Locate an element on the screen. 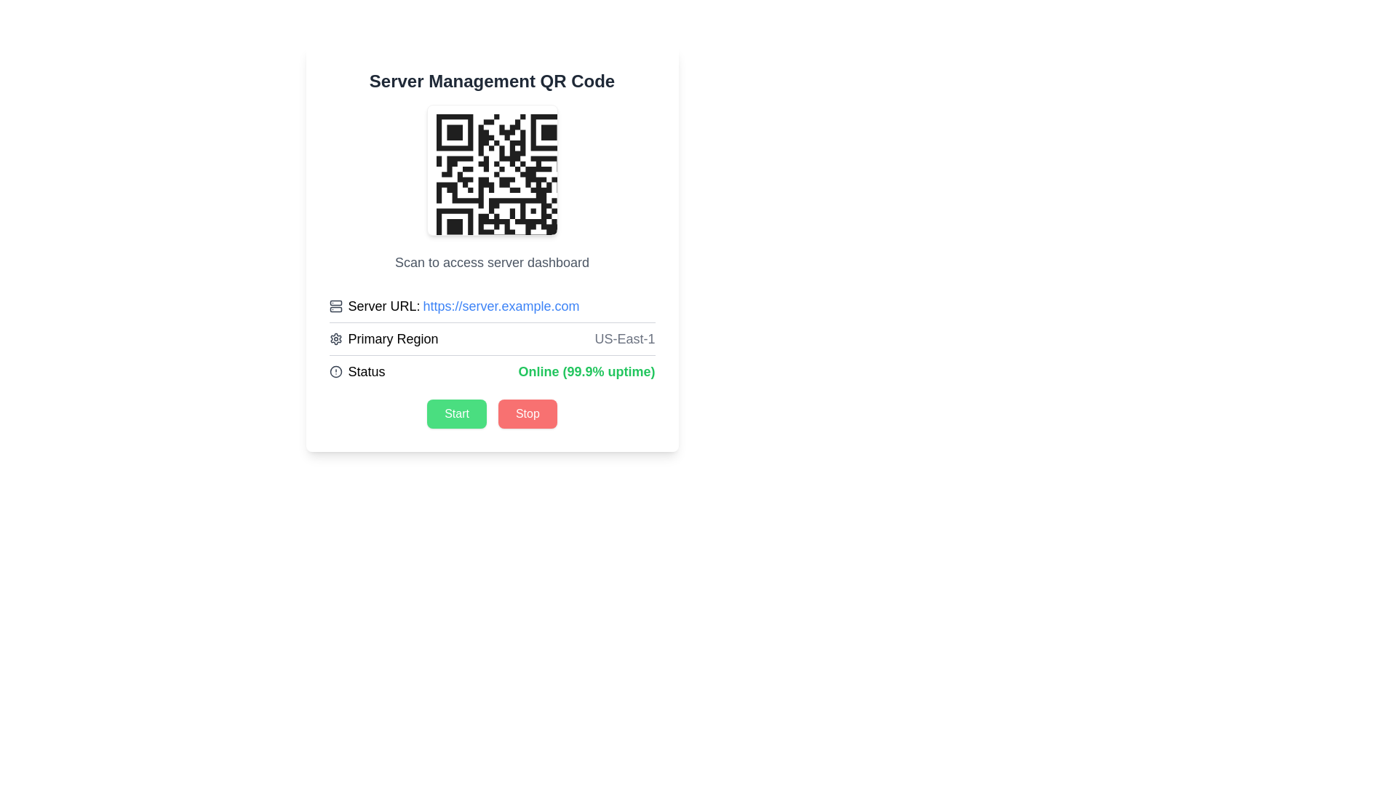 Image resolution: width=1397 pixels, height=786 pixels. the uppermost rectangular segment of the server icon, which visually represents a section of the server design is located at coordinates (335, 302).